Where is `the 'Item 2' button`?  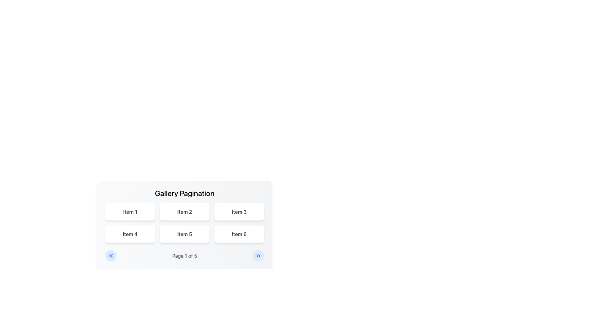 the 'Item 2' button is located at coordinates (184, 211).